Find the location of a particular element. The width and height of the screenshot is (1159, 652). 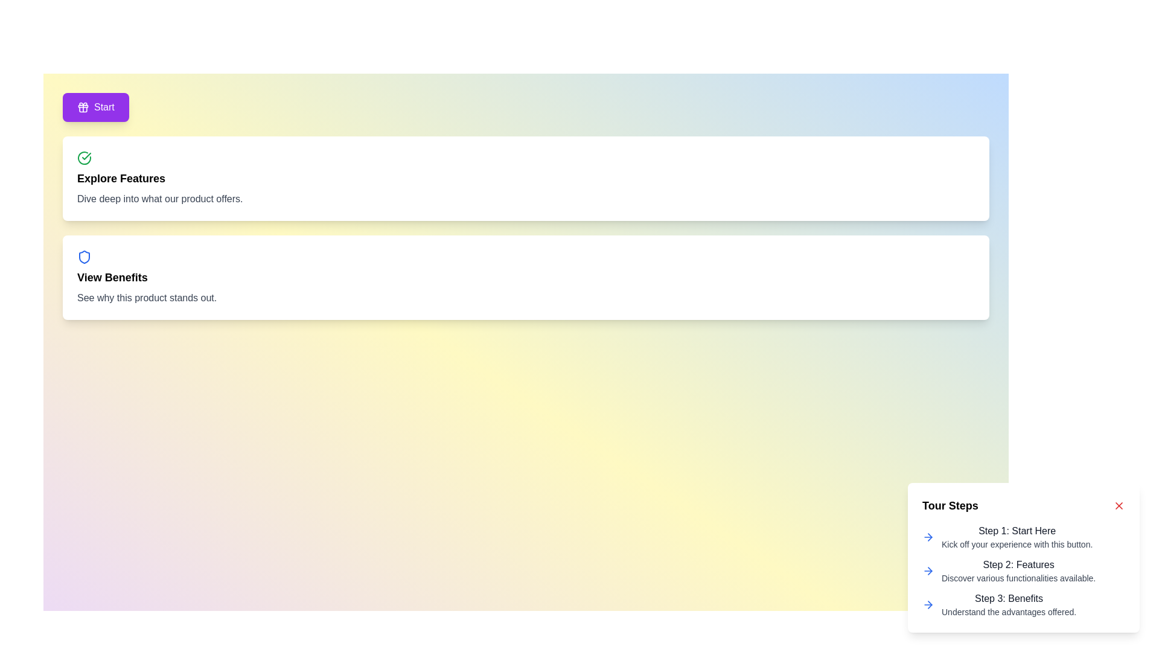

the Informational text element for Step 2 of the guided user tour, which provides instructions for discovering functionalities is located at coordinates (1023, 570).